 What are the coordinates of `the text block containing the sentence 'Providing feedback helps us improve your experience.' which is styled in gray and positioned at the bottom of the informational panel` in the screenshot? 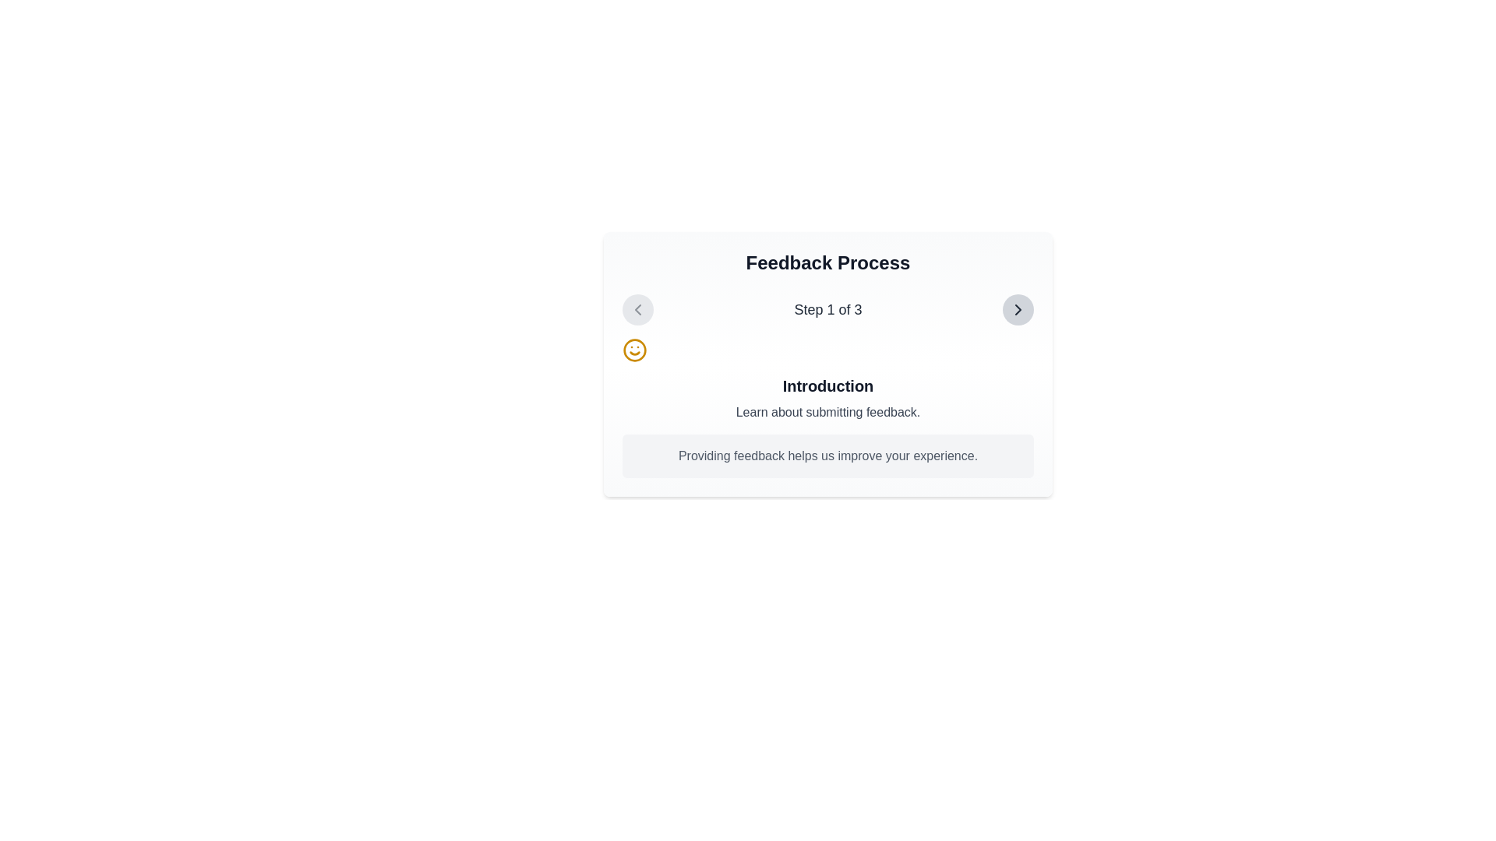 It's located at (827, 456).